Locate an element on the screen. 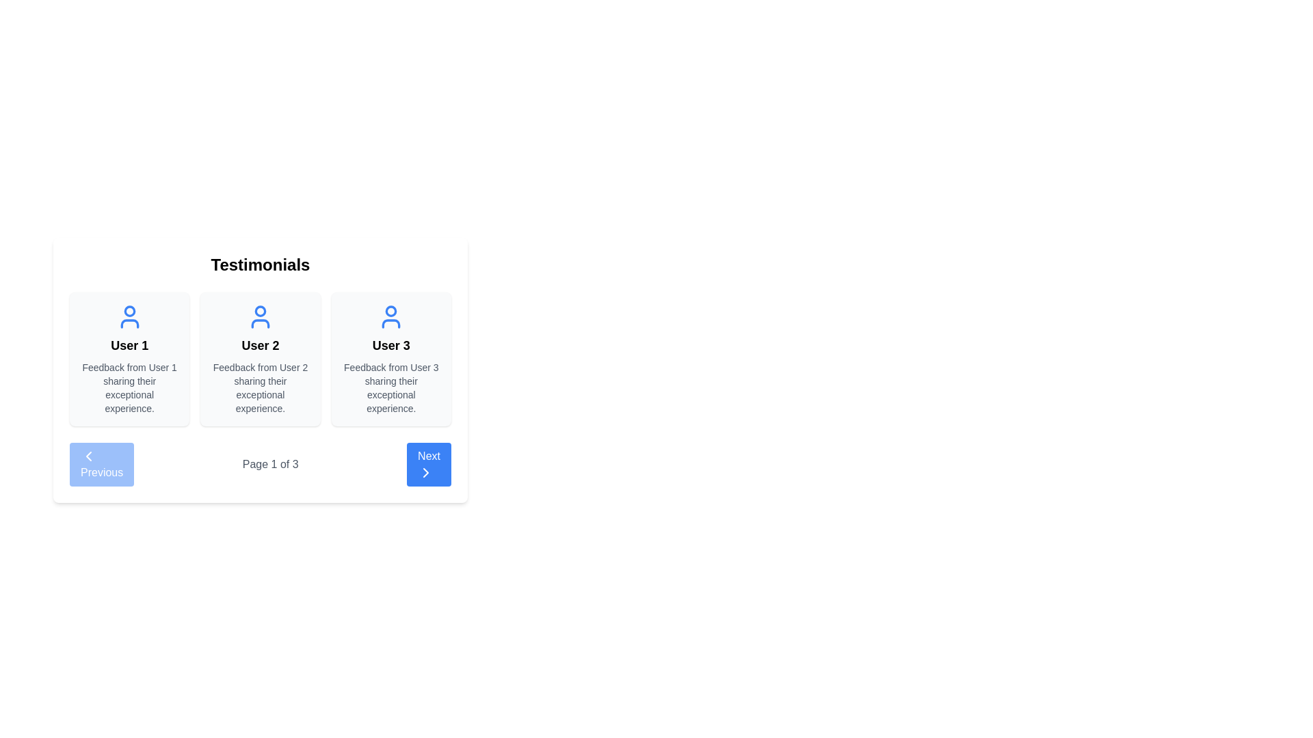  the Vector-based icon within the 'Next' button located at the bottom right corner of the page navigation section is located at coordinates (425, 471).